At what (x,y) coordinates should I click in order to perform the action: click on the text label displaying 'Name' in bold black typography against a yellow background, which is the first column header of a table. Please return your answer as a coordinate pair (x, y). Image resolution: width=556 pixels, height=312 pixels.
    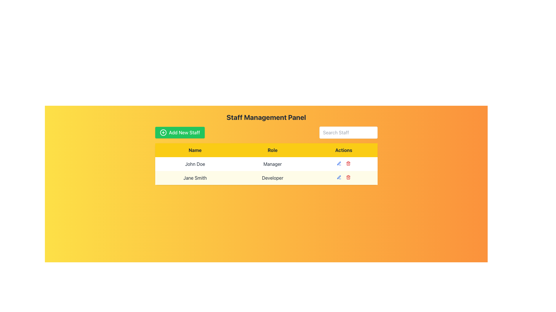
    Looking at the image, I should click on (195, 150).